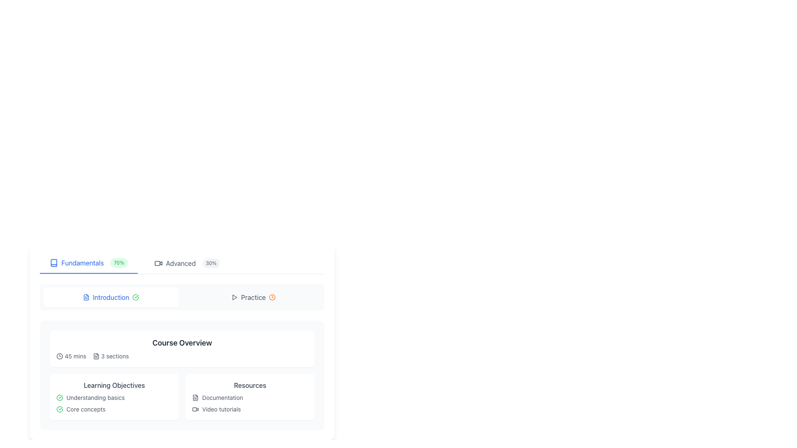 The height and width of the screenshot is (448, 797). I want to click on the text component displaying 'Documentation', so click(222, 397).